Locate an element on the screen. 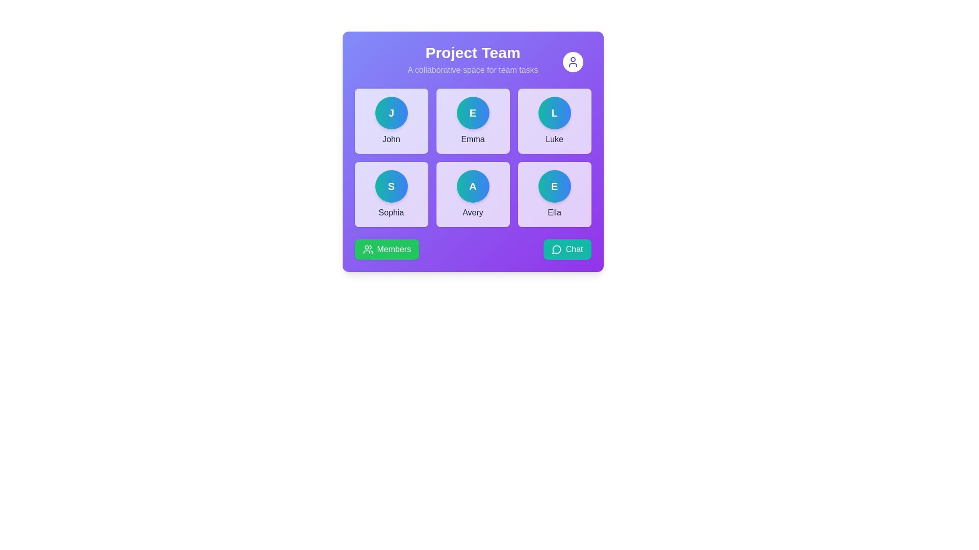 The height and width of the screenshot is (550, 979). the circular avatar with a gradient background and the letter 'A' is located at coordinates (472, 186).